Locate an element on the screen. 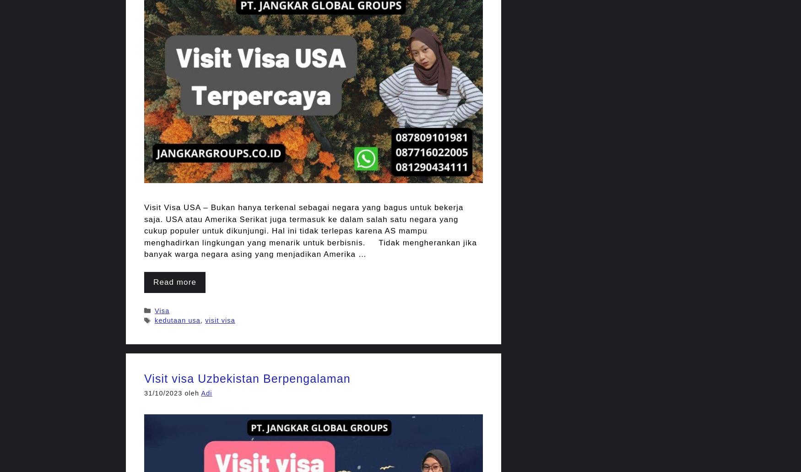  'kedutaan usa' is located at coordinates (177, 320).